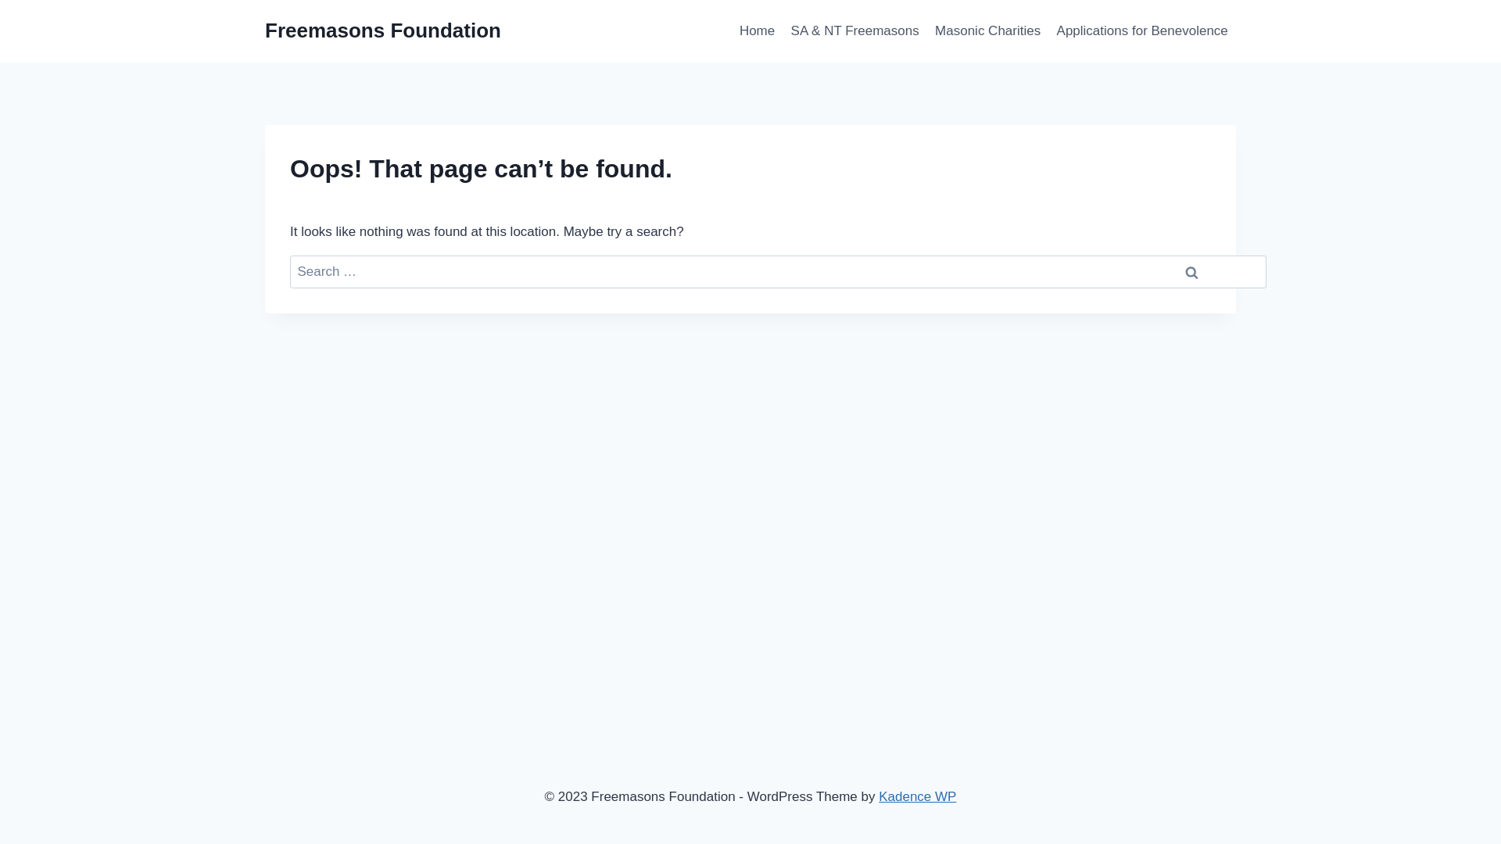 The width and height of the screenshot is (1501, 844). I want to click on 'Kadence WP', so click(917, 796).